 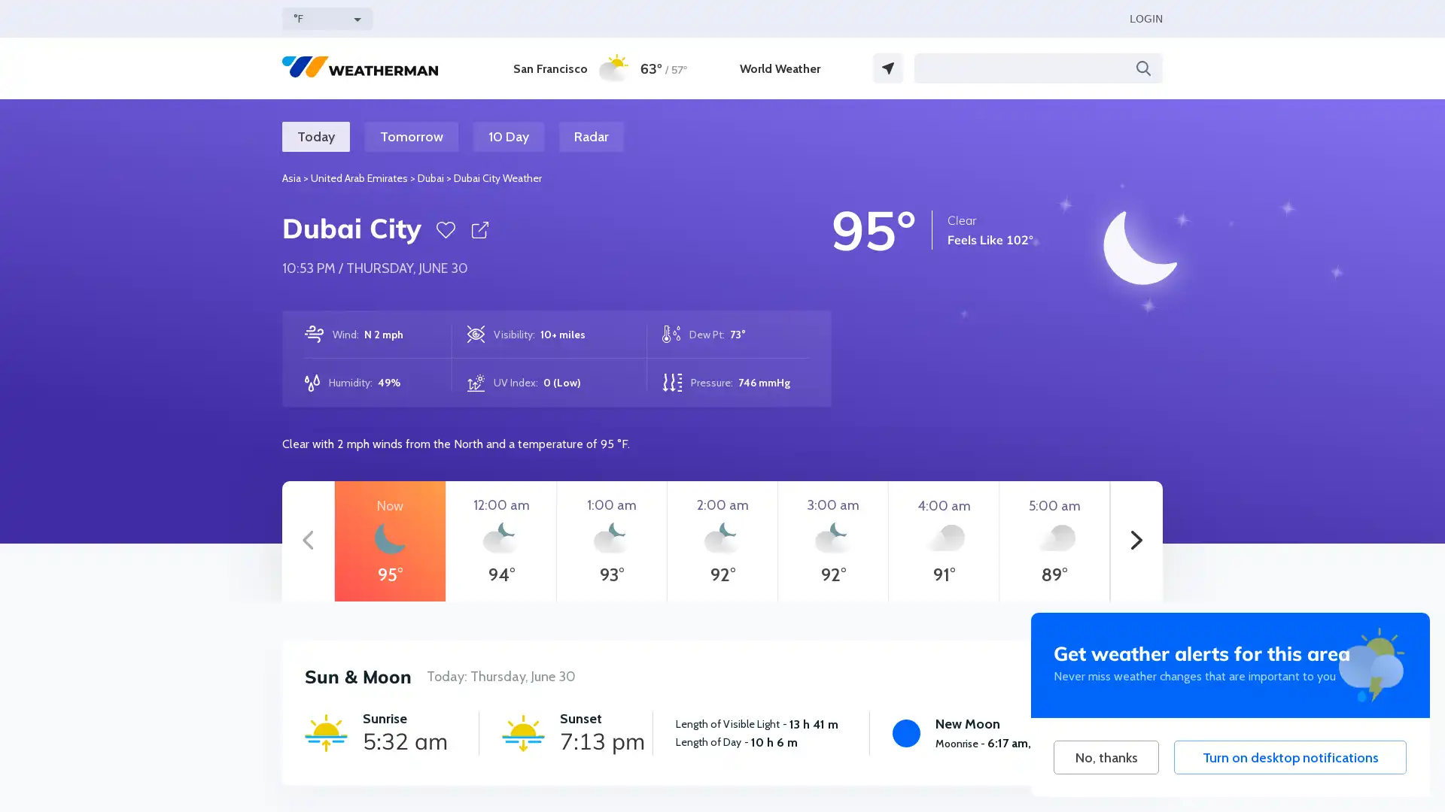 What do you see at coordinates (1136, 541) in the screenshot?
I see `Next hours` at bounding box center [1136, 541].